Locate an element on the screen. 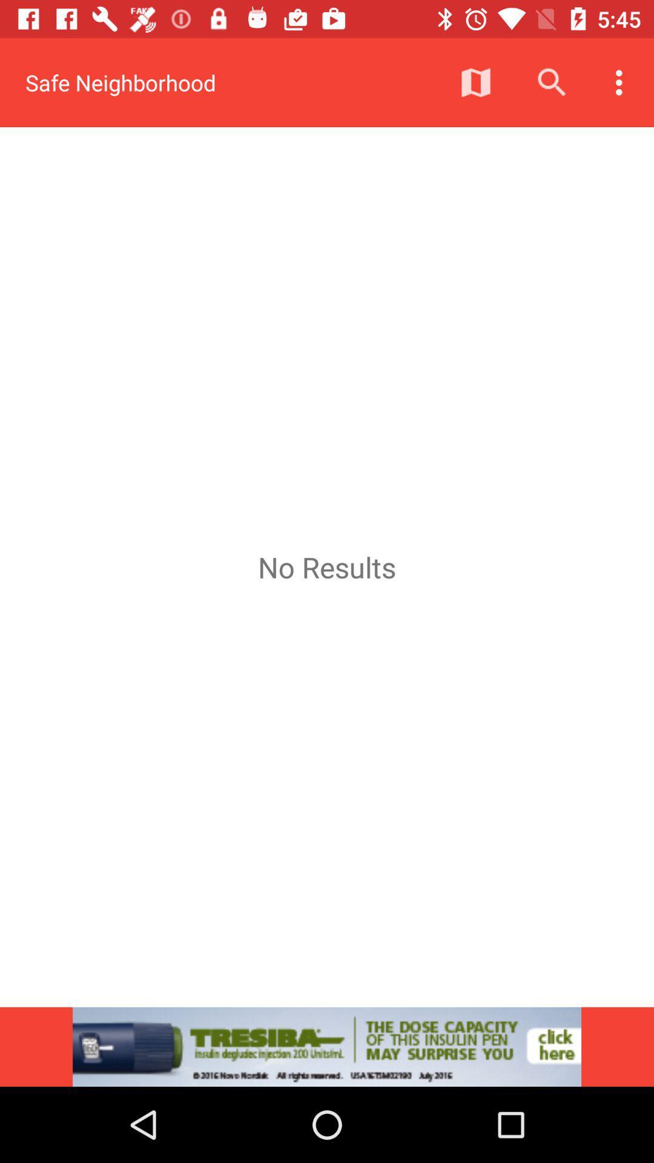  item next to the safe neighborhood icon is located at coordinates (475, 82).